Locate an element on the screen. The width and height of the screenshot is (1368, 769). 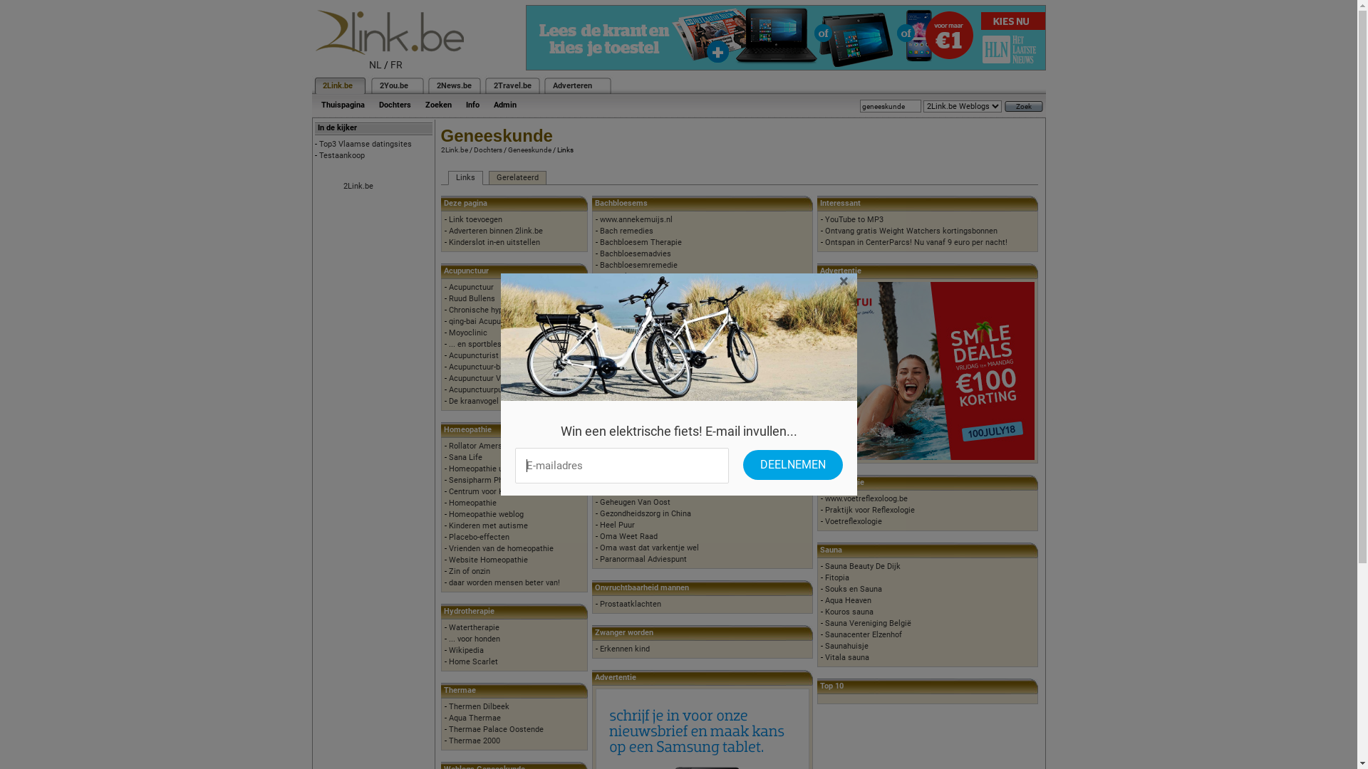
'Thermae 2000' is located at coordinates (475, 740).